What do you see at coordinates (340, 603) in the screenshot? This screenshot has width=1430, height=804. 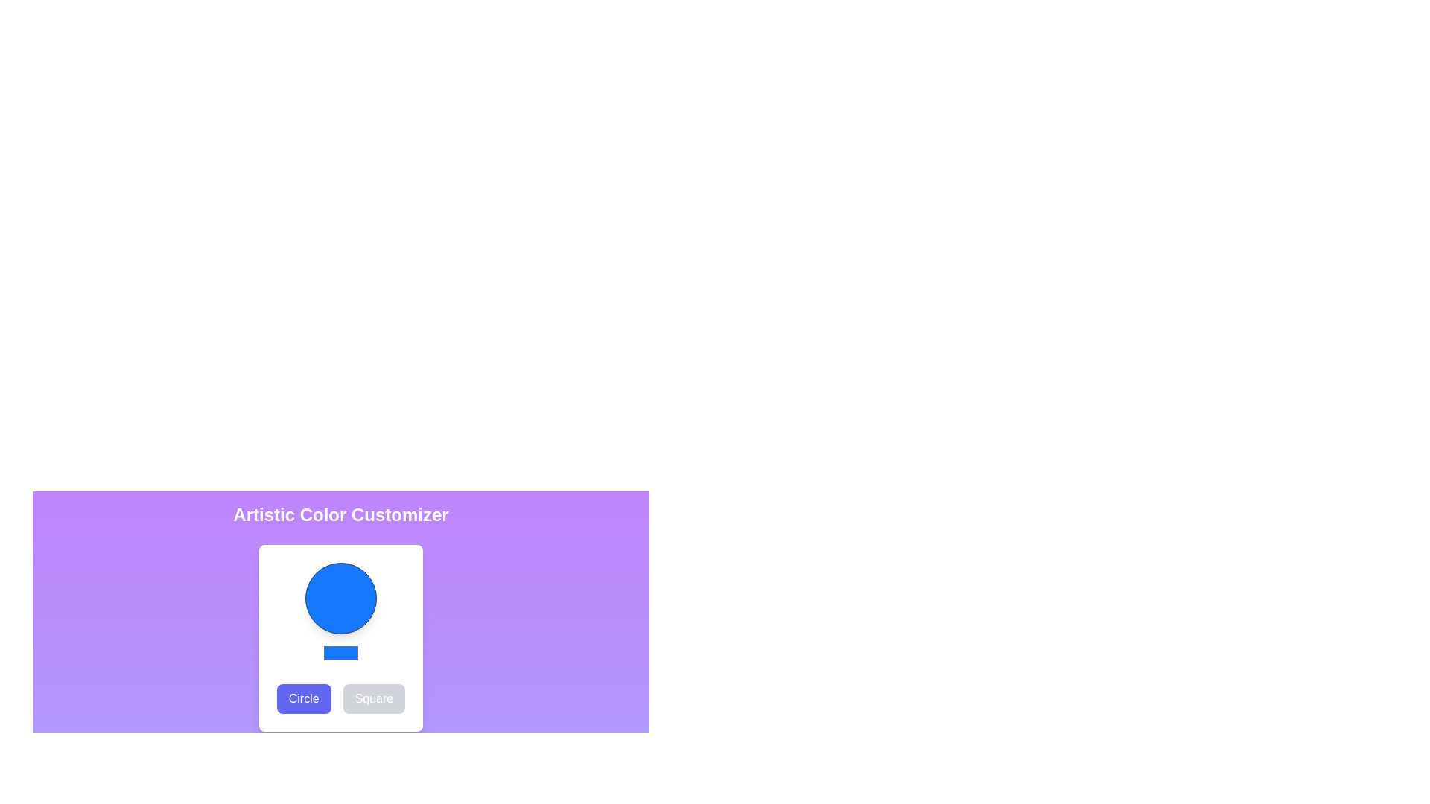 I see `the Color picker button, which is` at bounding box center [340, 603].